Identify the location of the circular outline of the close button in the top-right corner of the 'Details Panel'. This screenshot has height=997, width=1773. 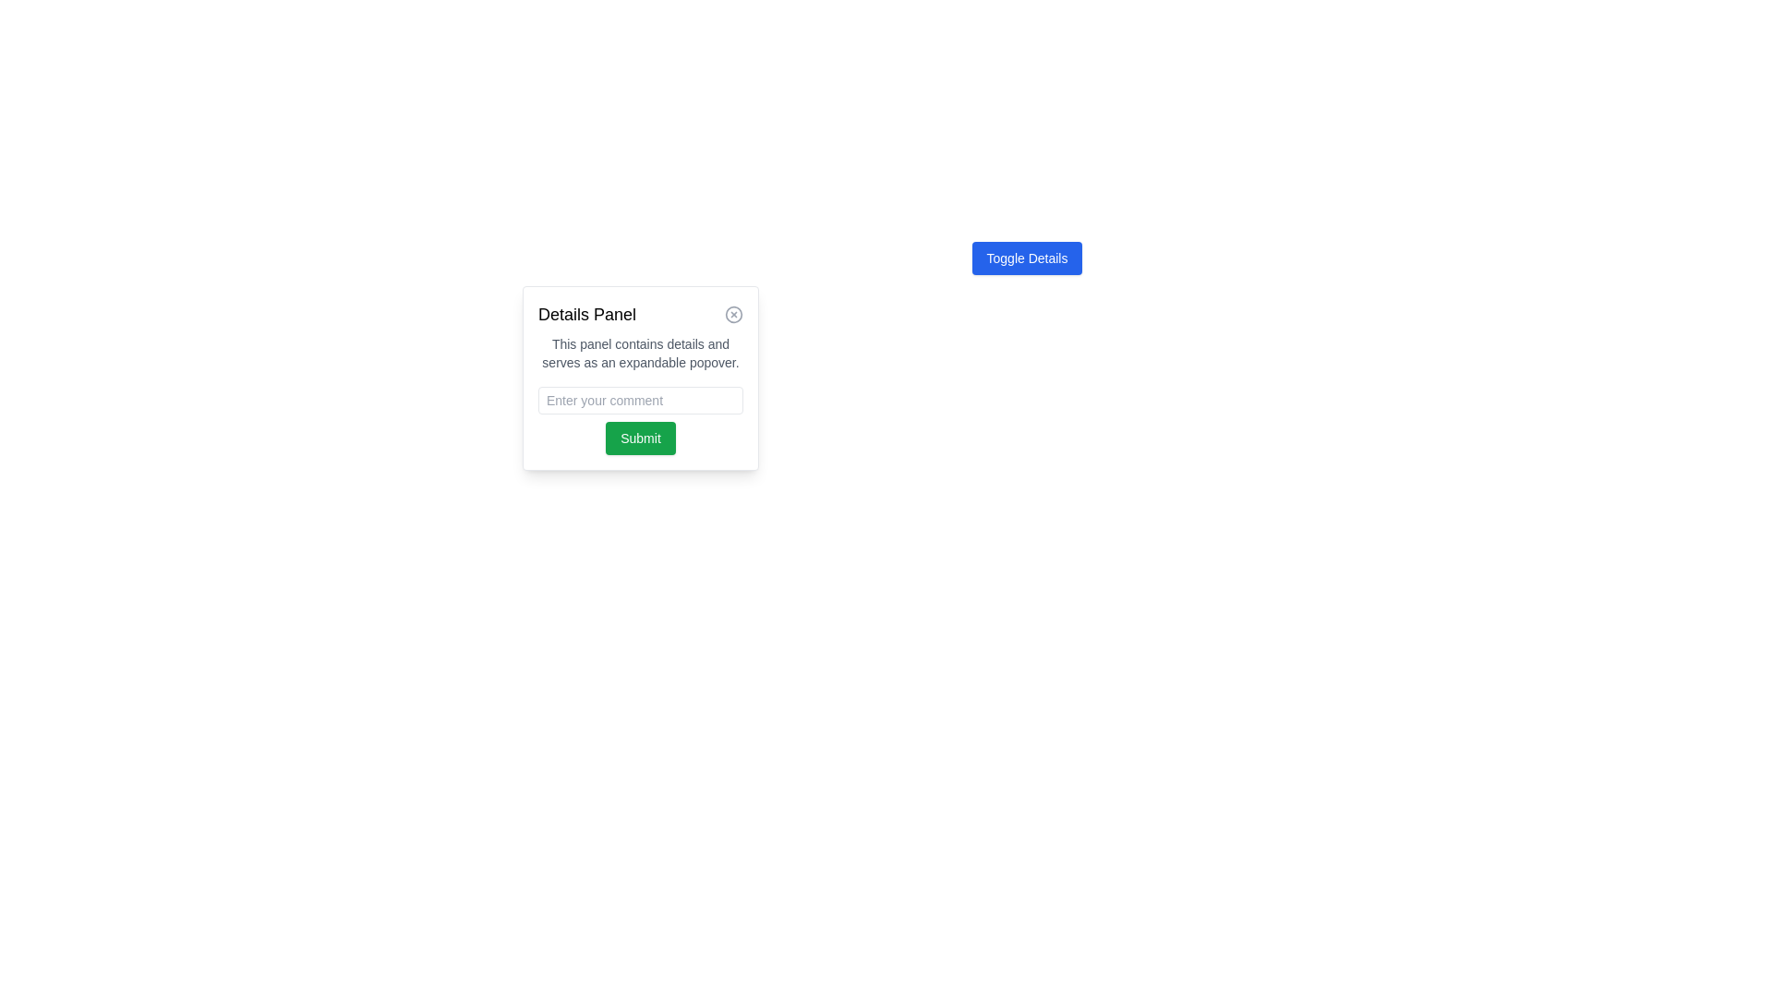
(733, 313).